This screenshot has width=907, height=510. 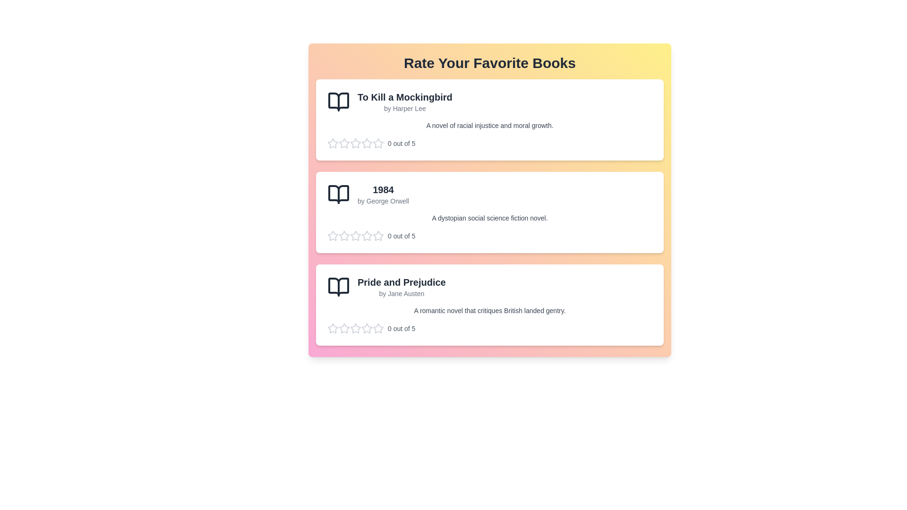 What do you see at coordinates (405, 102) in the screenshot?
I see `the text block that displays the title and author information for the book 'To Kill a Mockingbird', located within the first card-like section of the vertically stacked list of book cards` at bounding box center [405, 102].